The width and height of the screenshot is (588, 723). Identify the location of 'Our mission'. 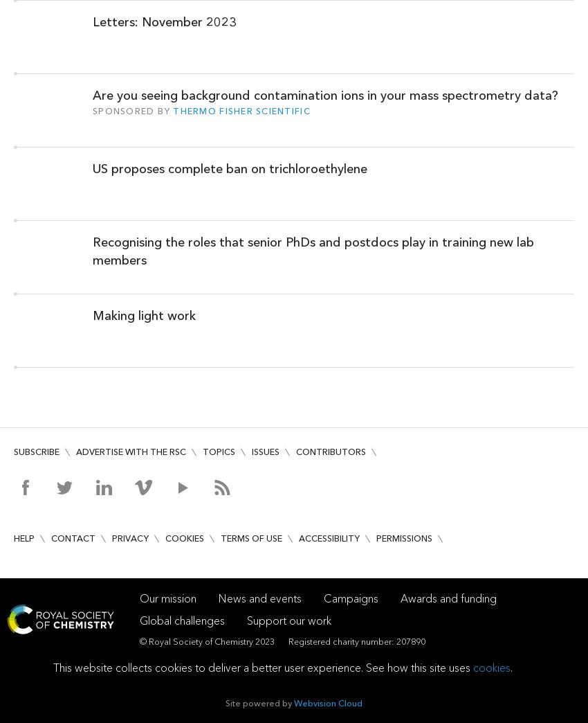
(168, 598).